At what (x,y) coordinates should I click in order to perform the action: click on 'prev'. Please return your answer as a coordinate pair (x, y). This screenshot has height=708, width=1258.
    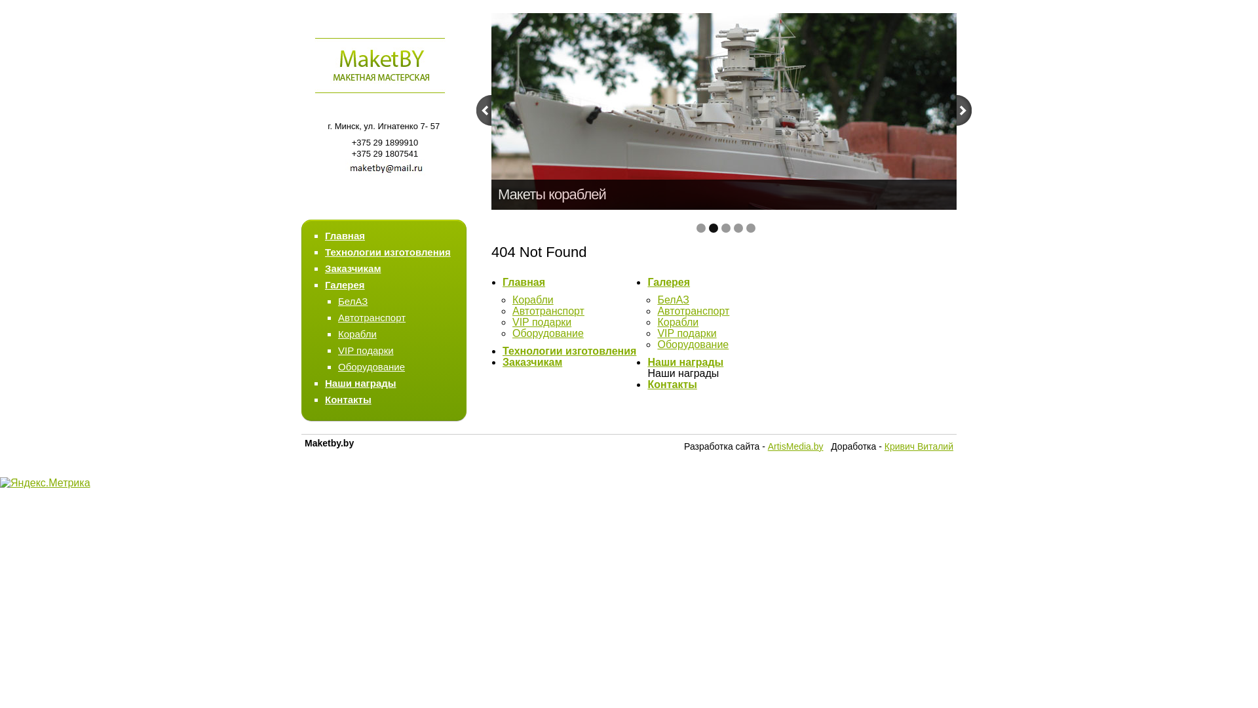
    Looking at the image, I should click on (483, 109).